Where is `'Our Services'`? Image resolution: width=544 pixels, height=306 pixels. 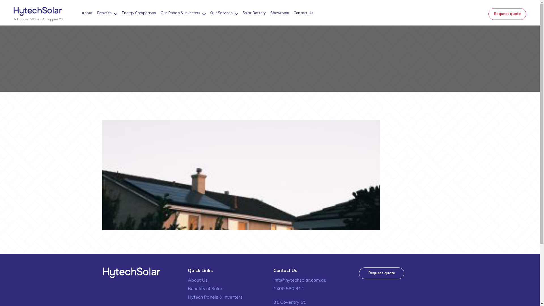 'Our Services' is located at coordinates (210, 13).